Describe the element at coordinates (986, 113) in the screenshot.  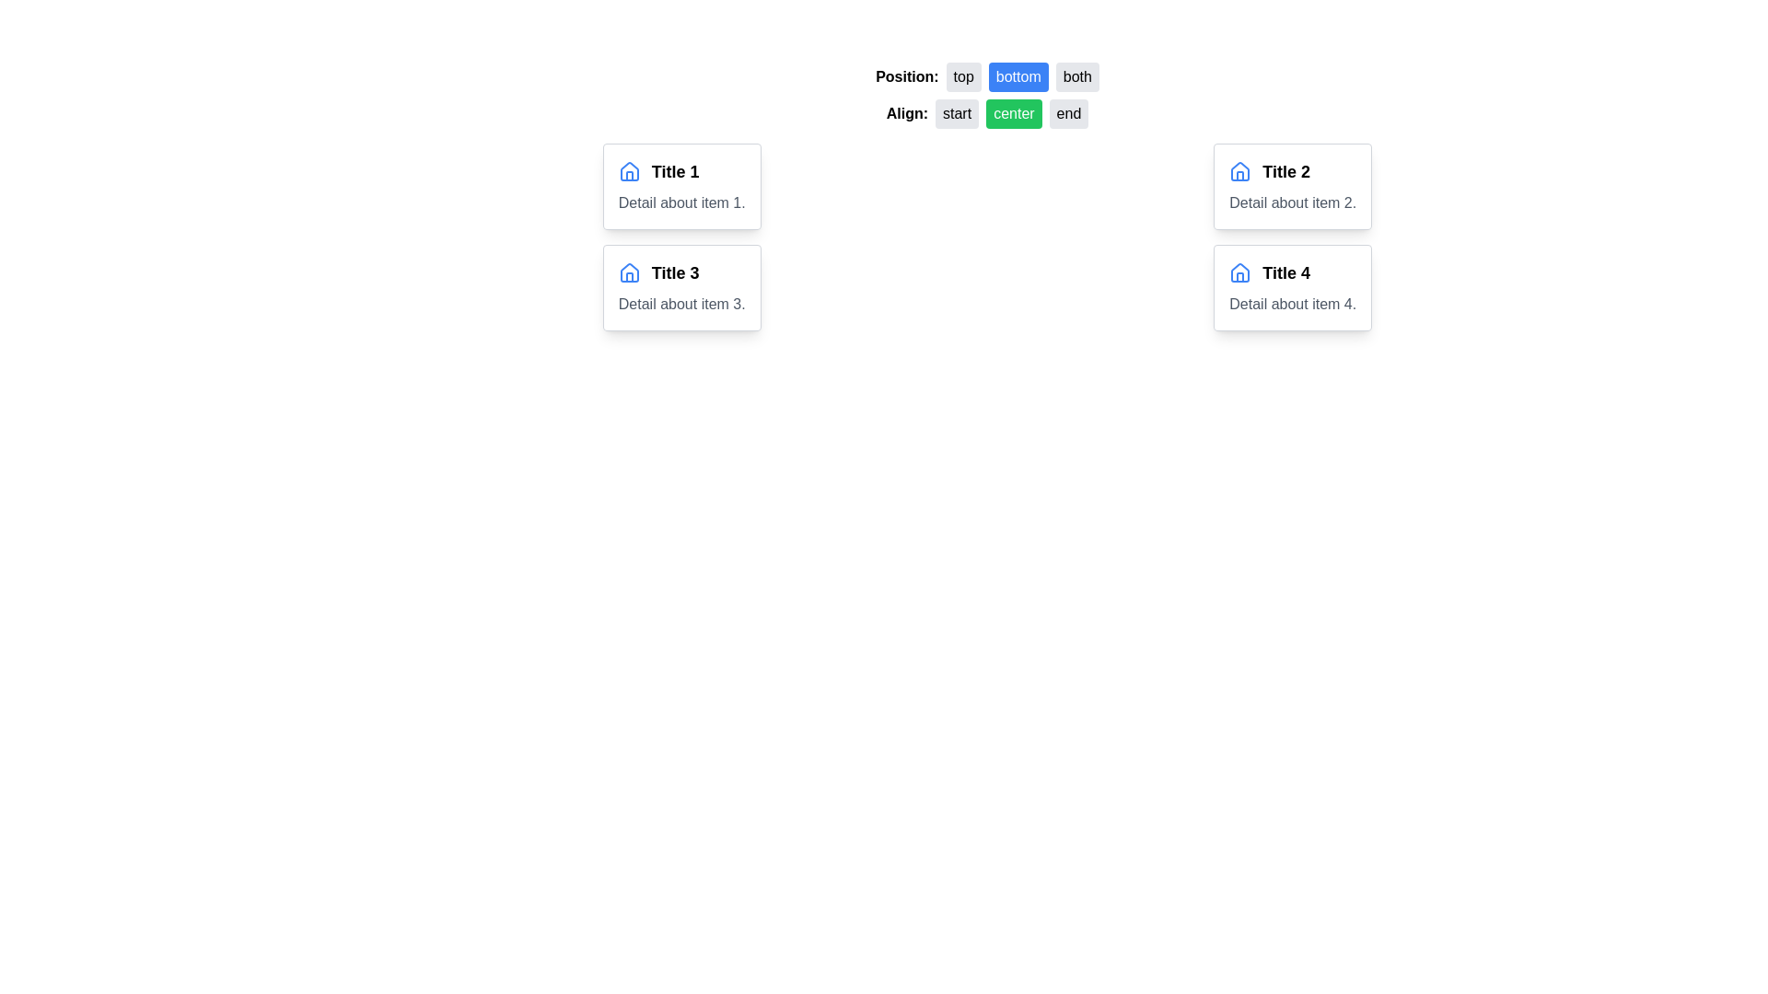
I see `the 'center' alignment button located under the 'Align:' label` at that location.